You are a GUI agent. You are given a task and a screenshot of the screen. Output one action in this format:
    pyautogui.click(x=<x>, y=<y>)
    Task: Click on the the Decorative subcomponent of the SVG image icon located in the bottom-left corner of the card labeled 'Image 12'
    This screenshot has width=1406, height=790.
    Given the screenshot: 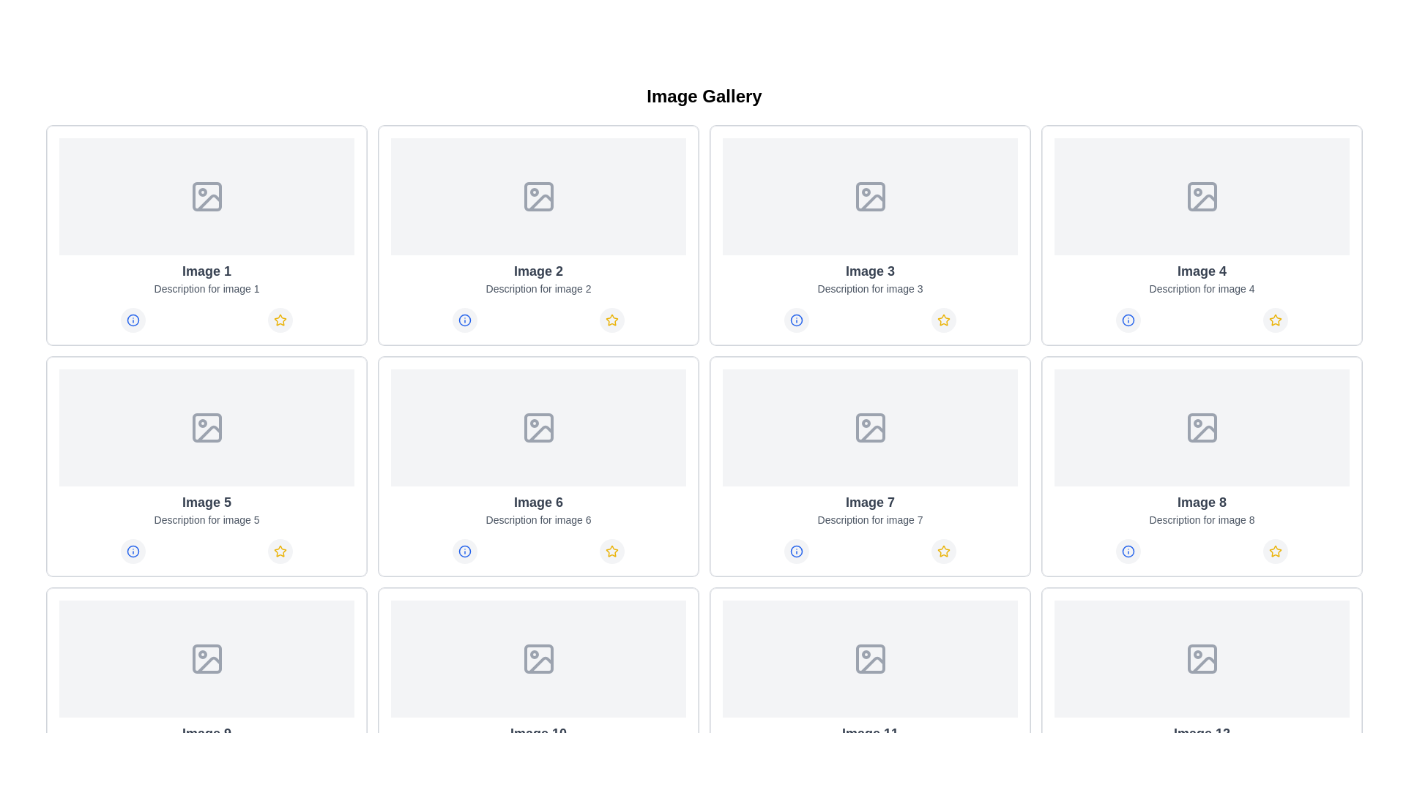 What is the action you would take?
    pyautogui.click(x=1202, y=659)
    